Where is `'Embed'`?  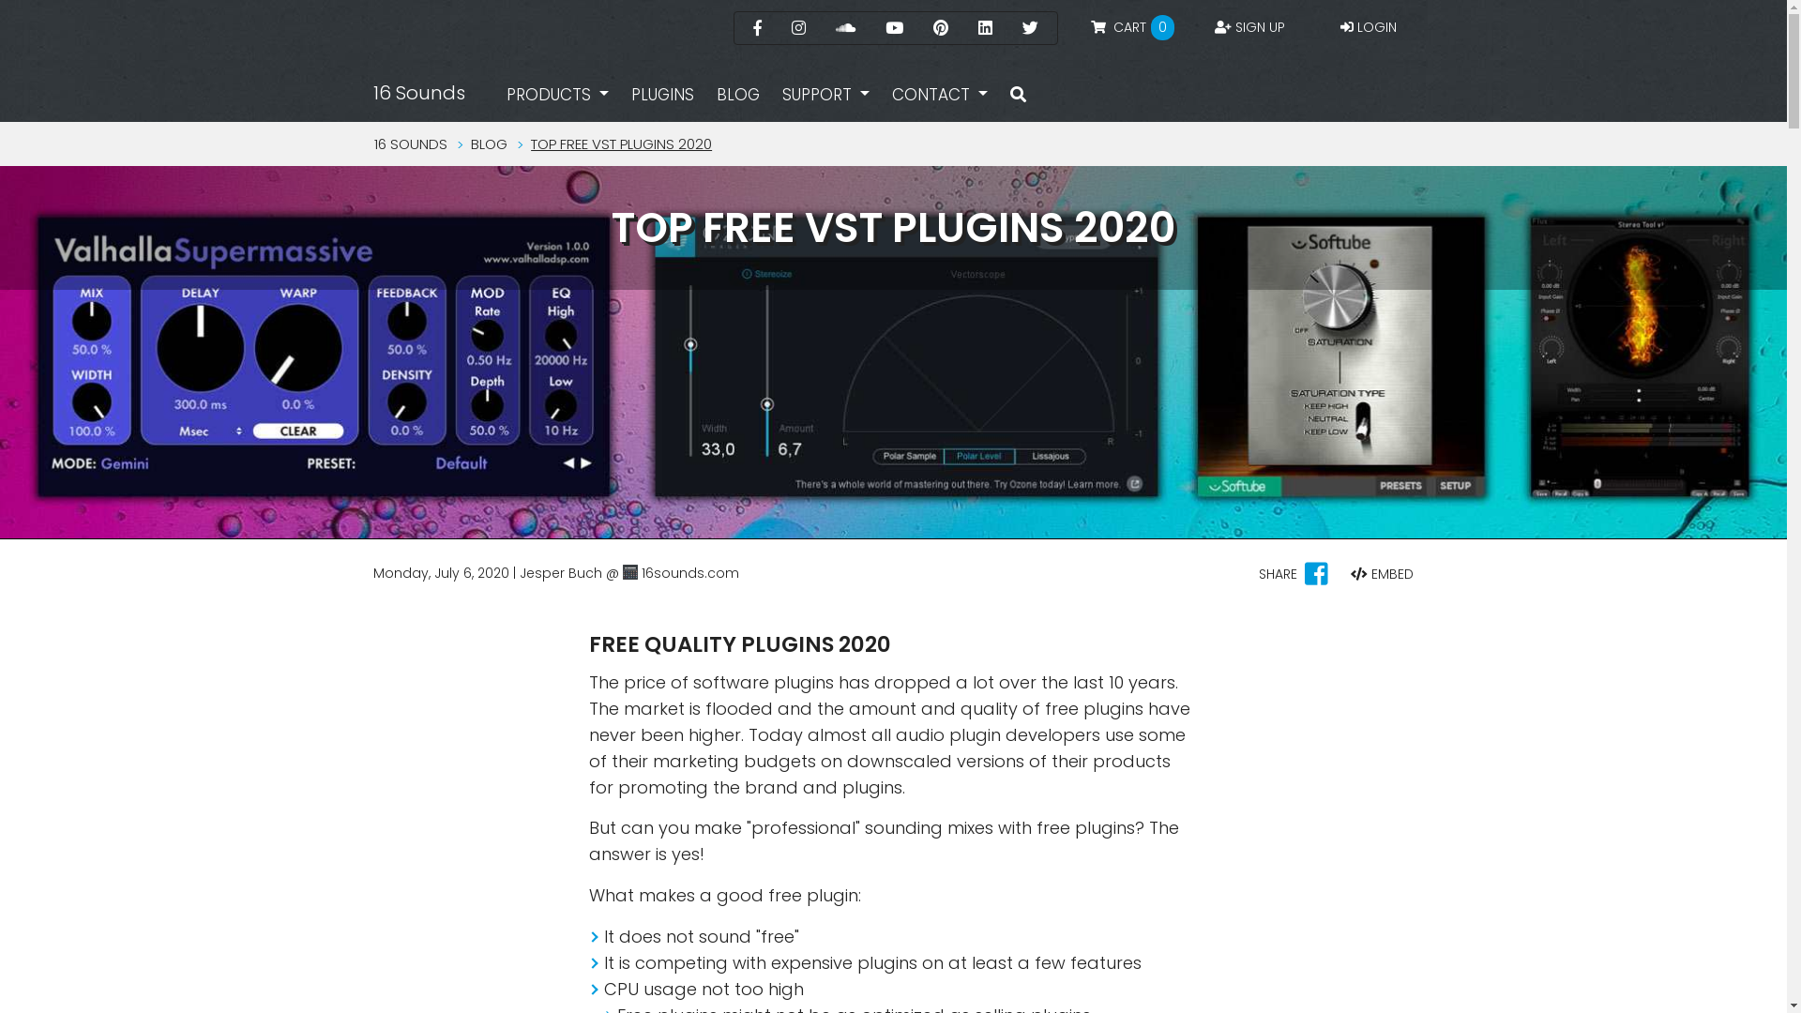
'Embed' is located at coordinates (1359, 573).